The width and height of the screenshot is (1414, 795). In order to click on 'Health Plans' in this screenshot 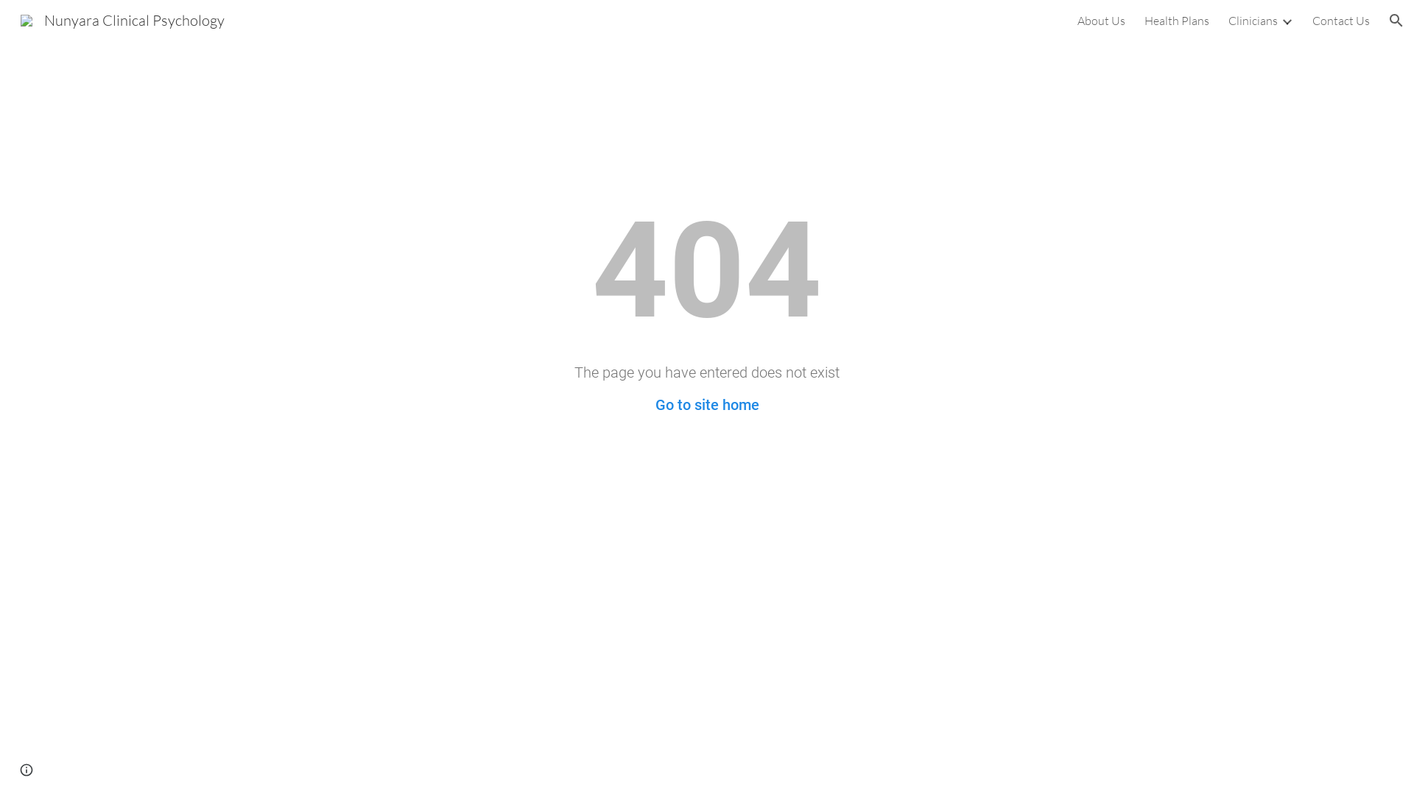, I will do `click(1176, 20)`.